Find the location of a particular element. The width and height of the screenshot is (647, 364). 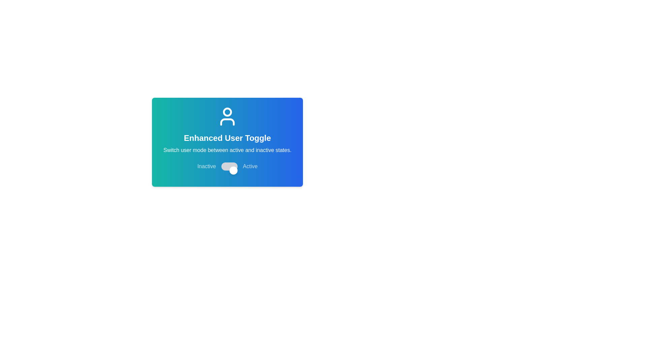

the blue-colored label containing the word 'Active' in white text, which is semi-transparent and located to the right of a toggle switch in the 'Enhanced User Toggle' card is located at coordinates (250, 166).